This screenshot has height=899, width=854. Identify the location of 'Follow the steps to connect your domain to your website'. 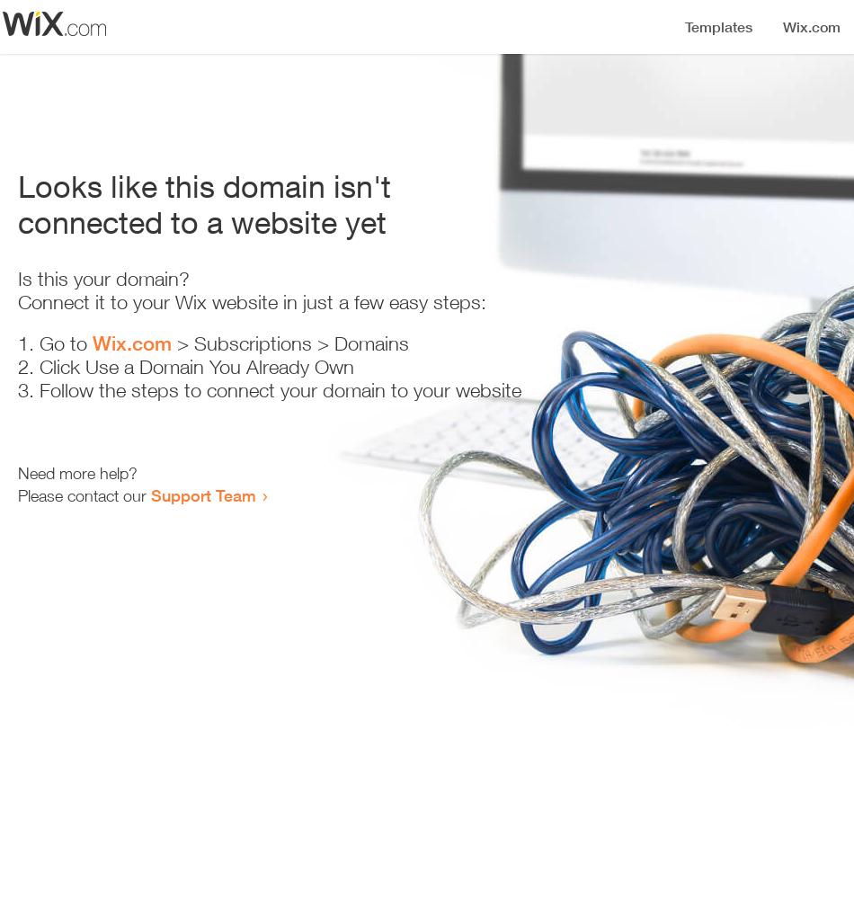
(279, 390).